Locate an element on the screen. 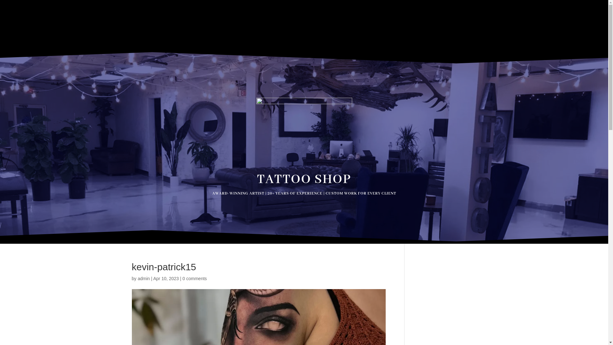  'admin' is located at coordinates (143, 278).